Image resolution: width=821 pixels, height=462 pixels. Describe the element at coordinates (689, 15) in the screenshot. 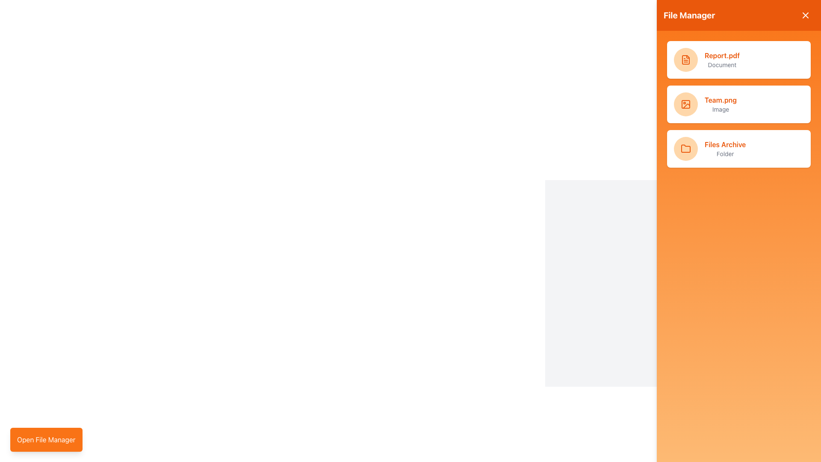

I see `the title text element located at the upper-left corner of the right-side panel, which provides context about the panel's content` at that location.